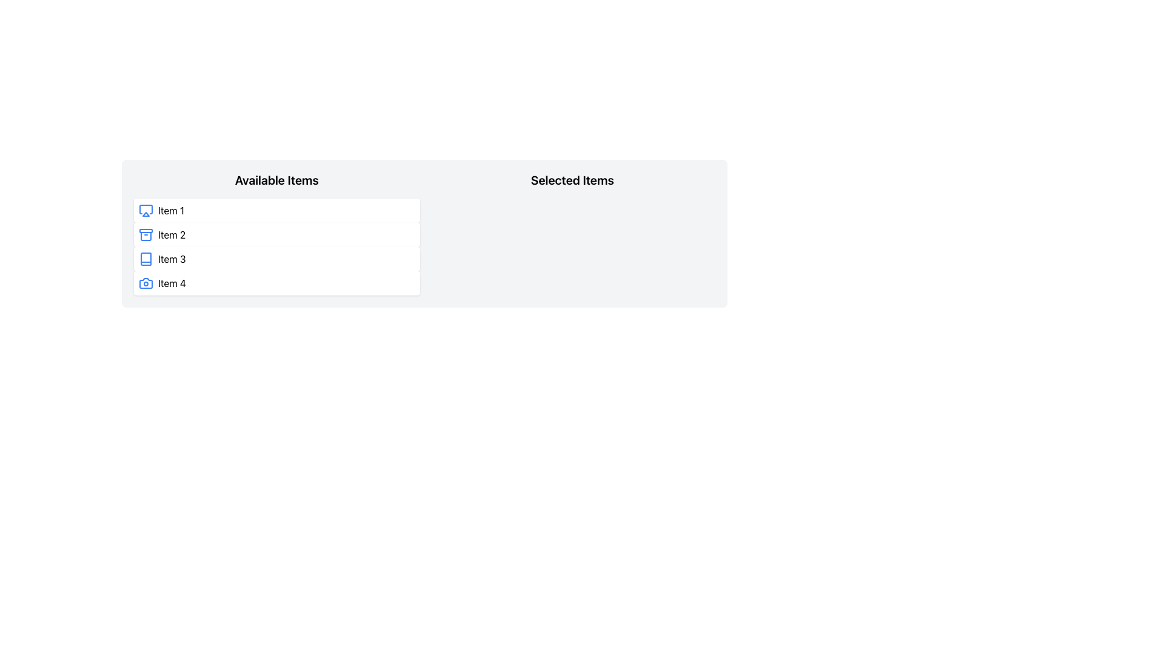 The width and height of the screenshot is (1164, 654). I want to click on the blue camera icon located at the beginning of the row labeled 'Item 4' in the 'Available Items' section, so click(145, 283).